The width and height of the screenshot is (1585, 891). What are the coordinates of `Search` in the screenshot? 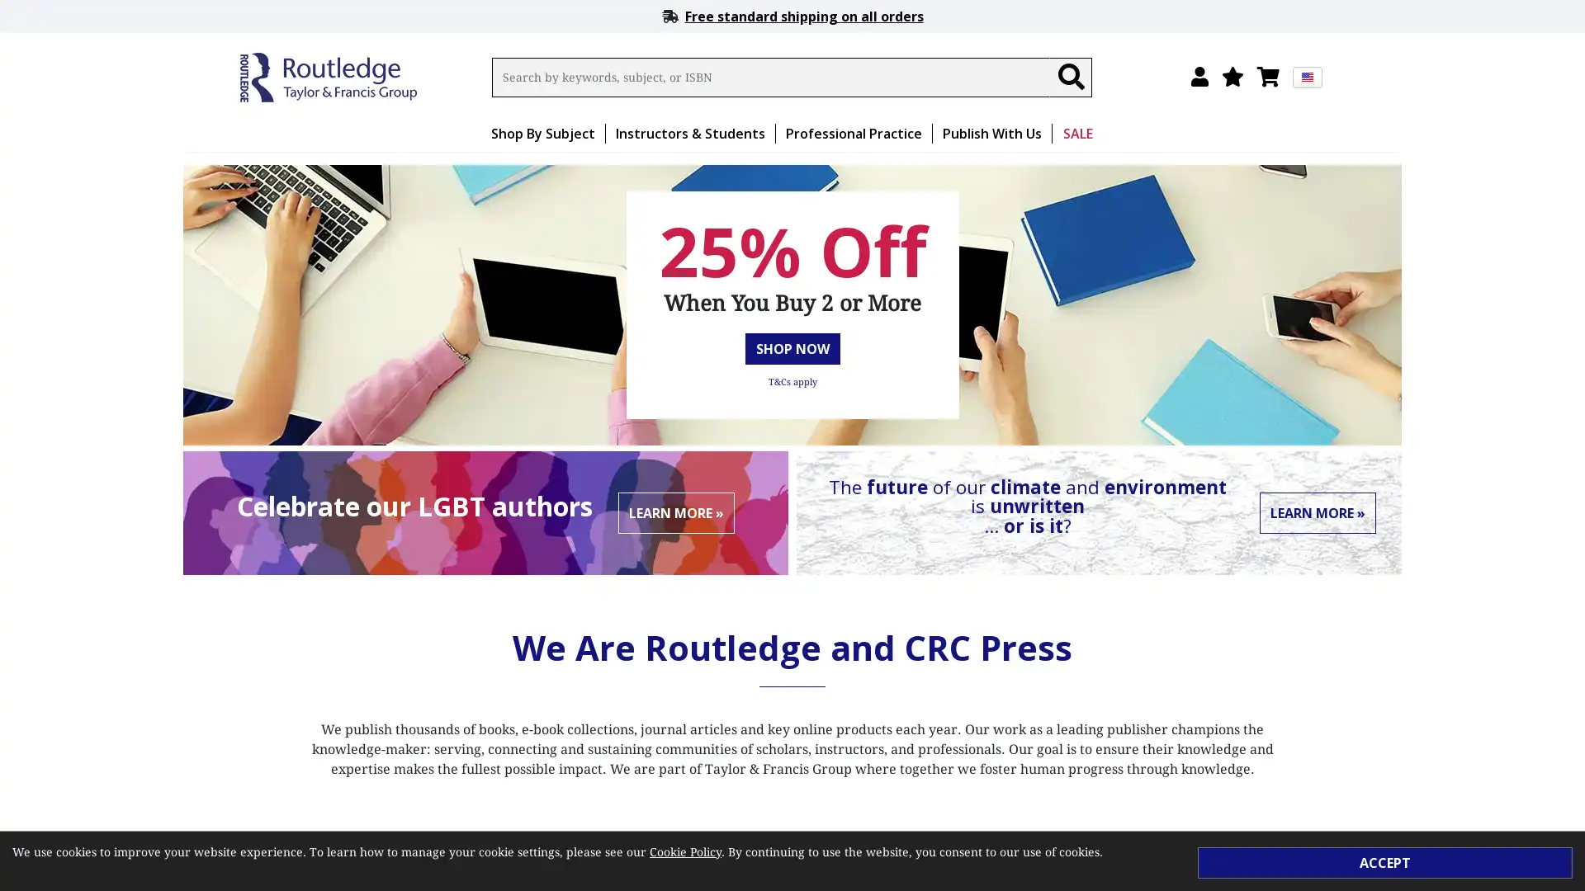 It's located at (1070, 77).